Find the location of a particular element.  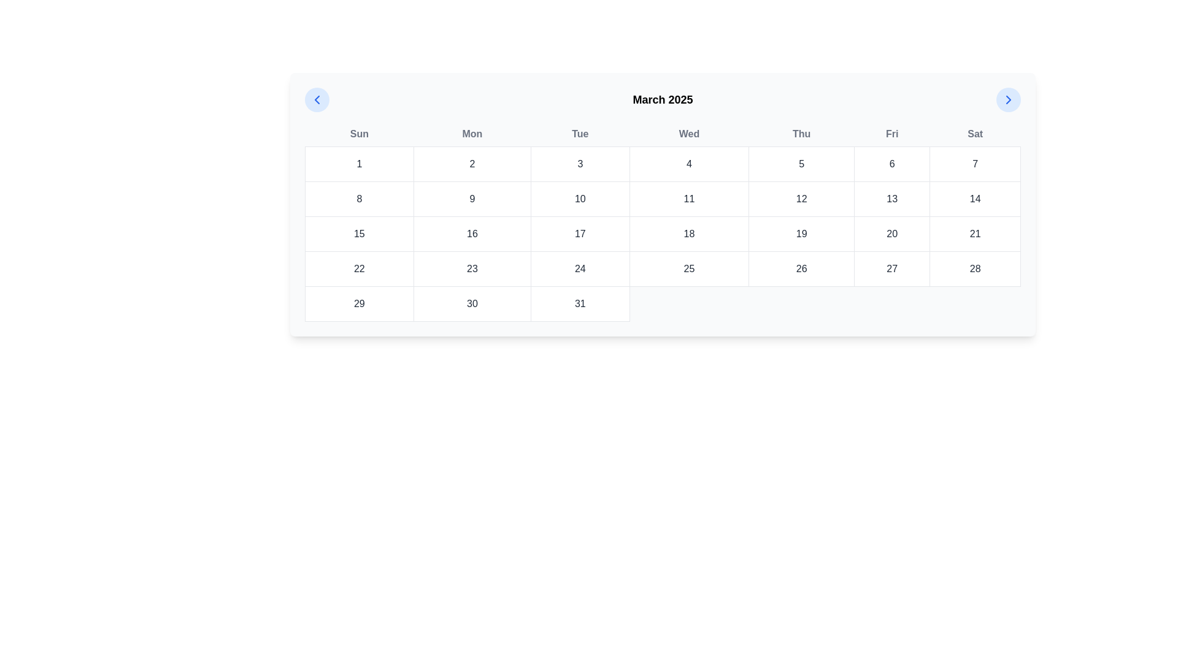

the button displaying the number '11' is located at coordinates (689, 198).